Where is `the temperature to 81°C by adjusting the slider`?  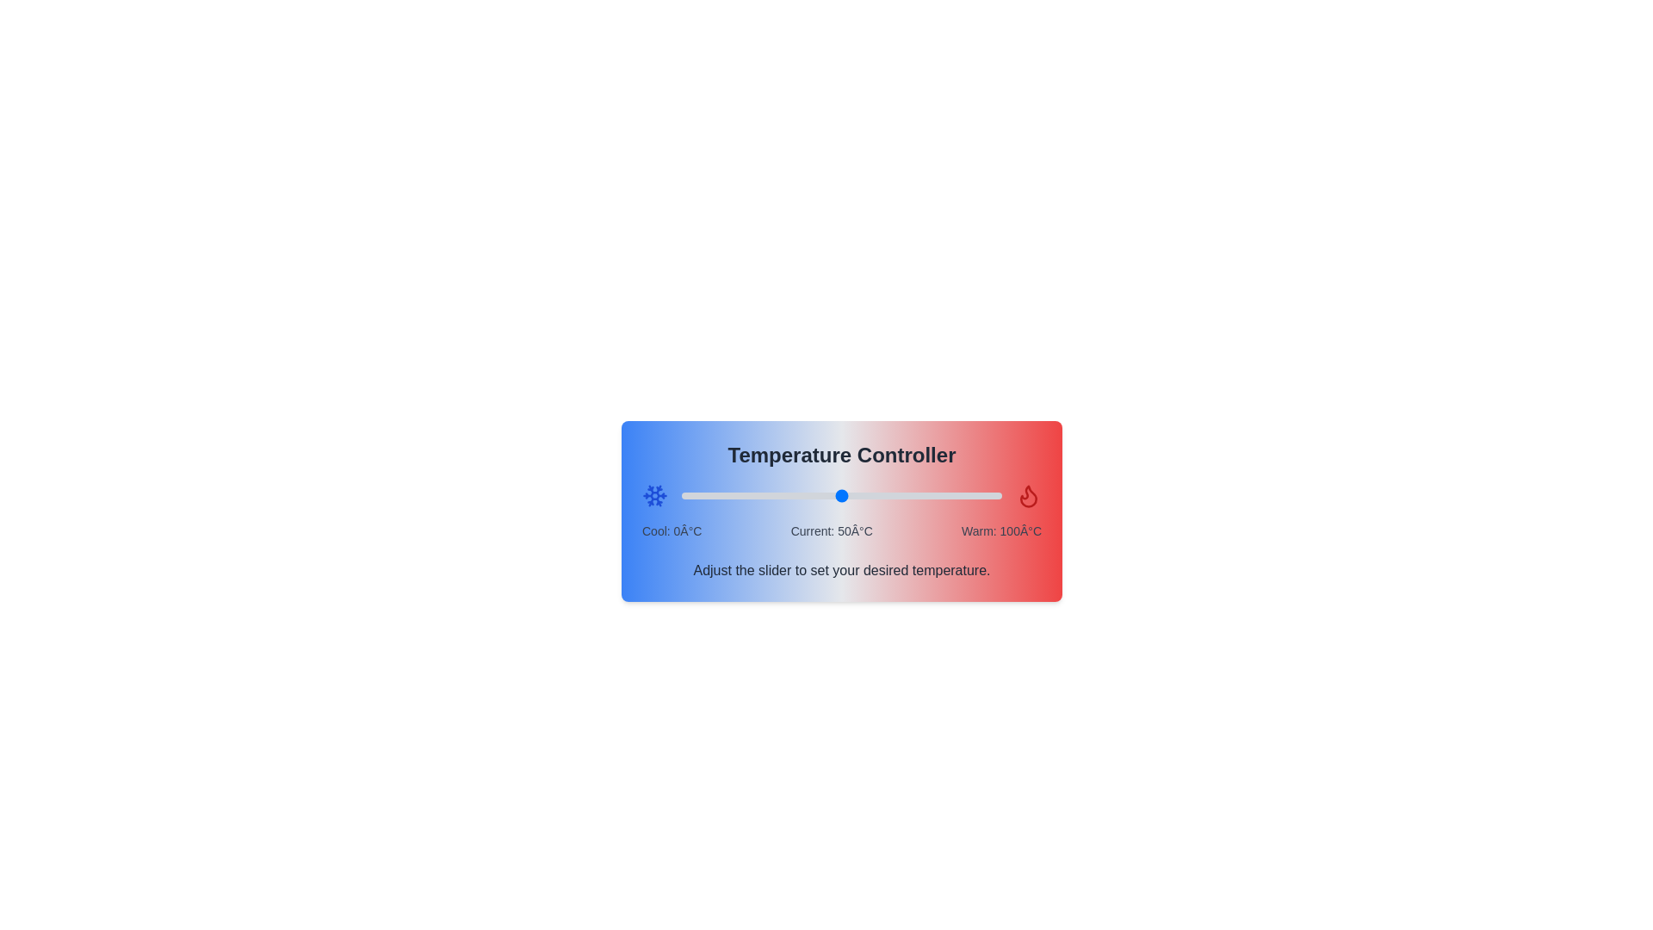
the temperature to 81°C by adjusting the slider is located at coordinates (940, 495).